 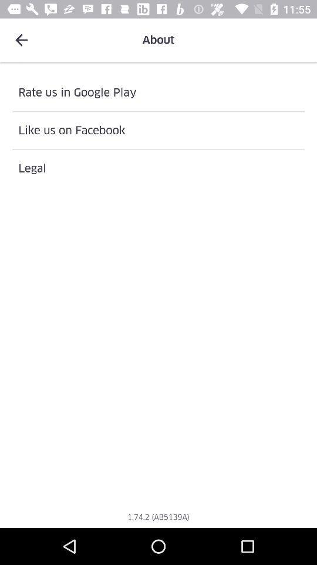 What do you see at coordinates (21, 40) in the screenshot?
I see `icon above rate us in item` at bounding box center [21, 40].